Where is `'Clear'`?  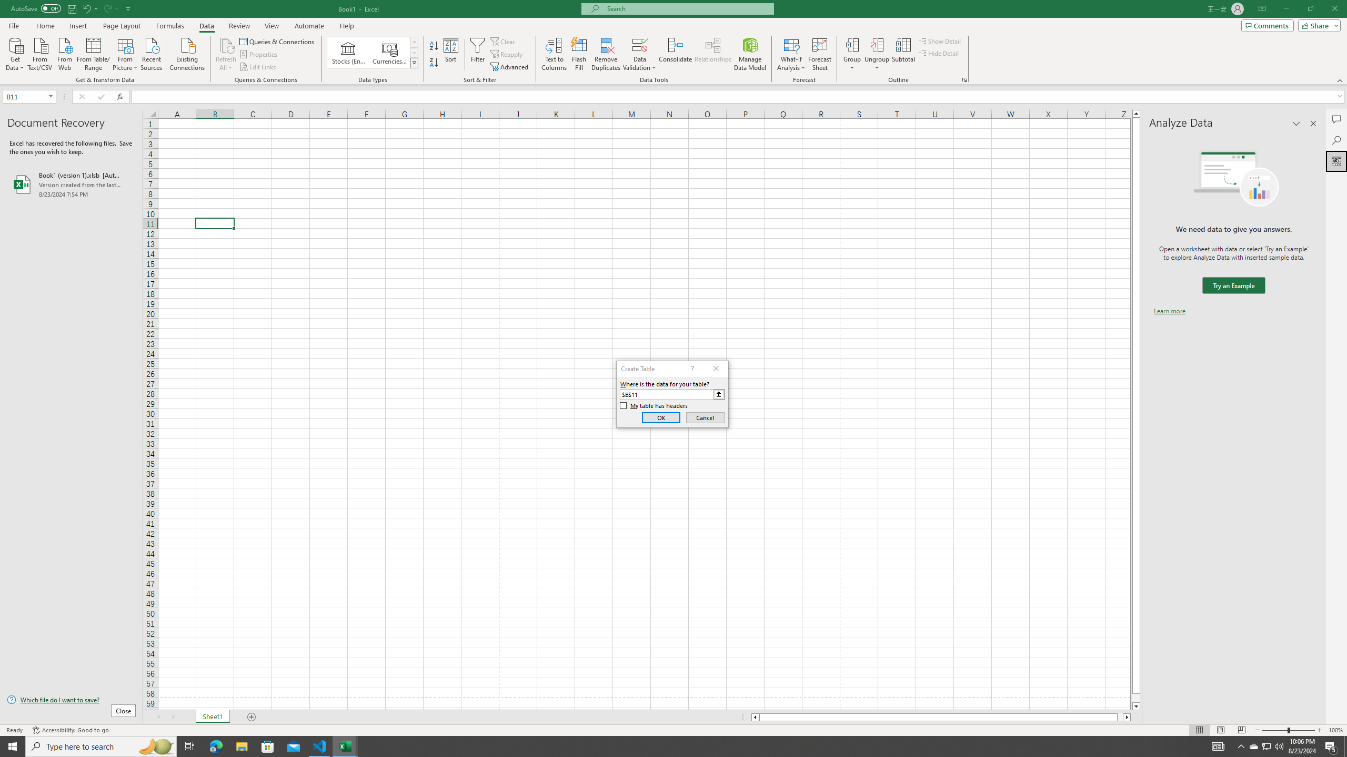
'Clear' is located at coordinates (504, 41).